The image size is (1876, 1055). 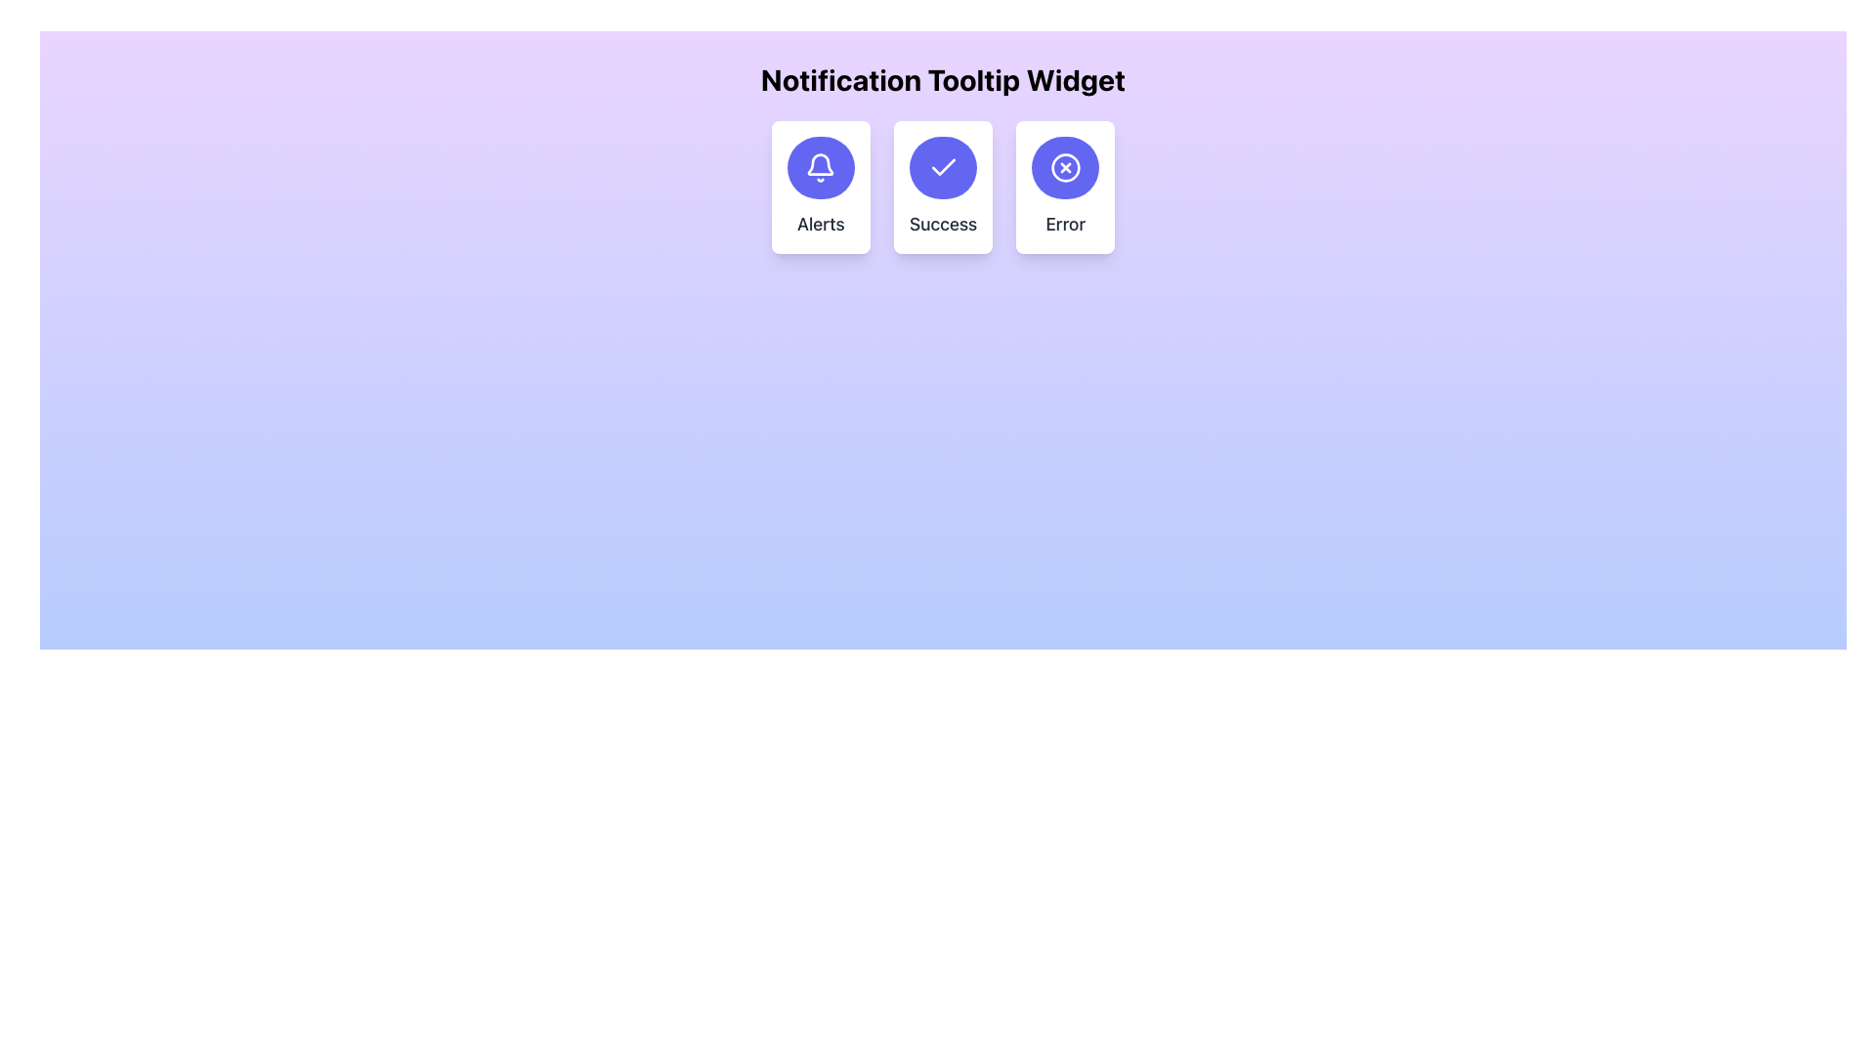 I want to click on the 'Success' Icon Button which is centrally located within the 'Success' card, featuring the text 'Success' below it, so click(x=943, y=167).